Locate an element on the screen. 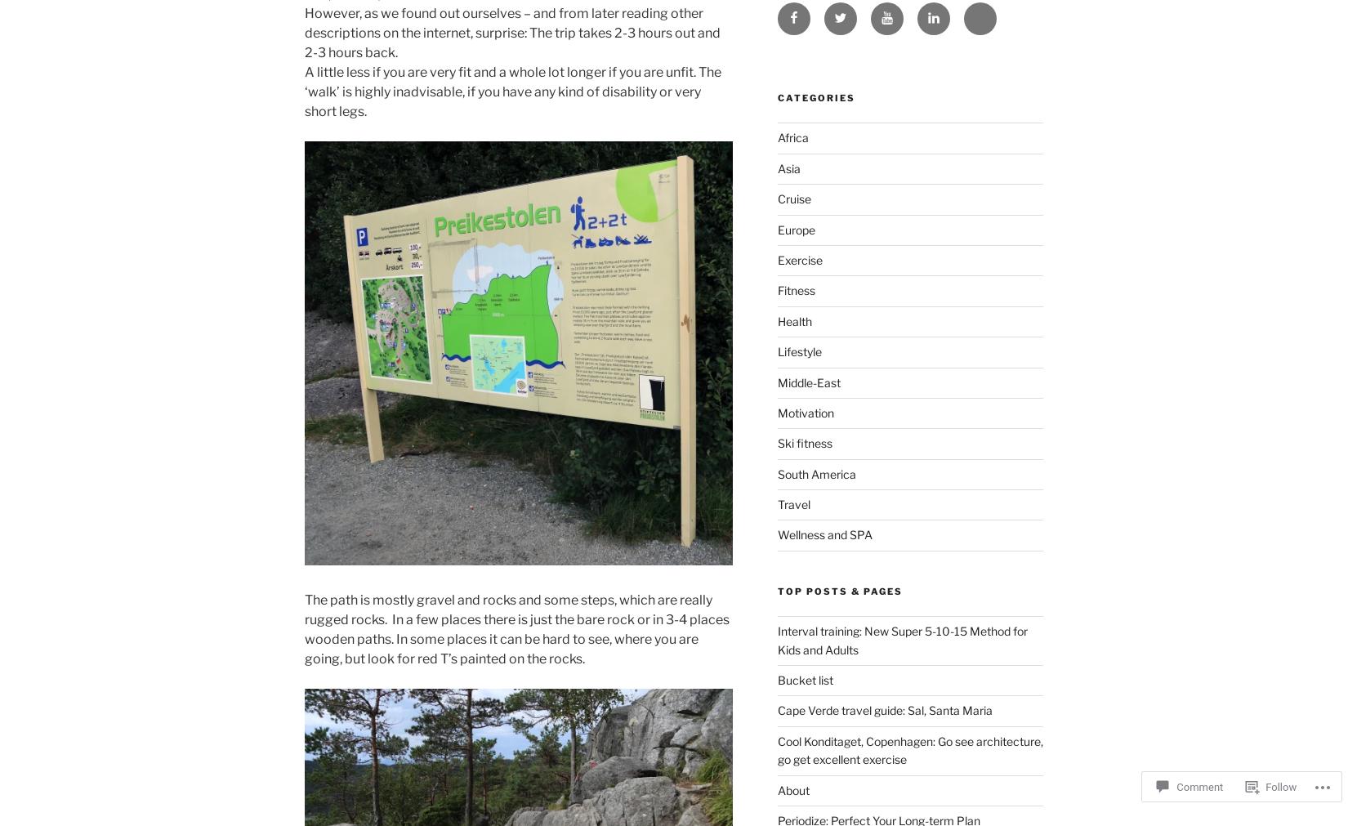 This screenshot has width=1348, height=826. 'The path is mostly gravel and rocks and some steps, which are really rugged rocks.  In a few places there is just the bare rock or in 3-4 places wooden paths. In some places it can be hard to see, where you are going, but look for red T’s painted on the rocks.' is located at coordinates (516, 628).